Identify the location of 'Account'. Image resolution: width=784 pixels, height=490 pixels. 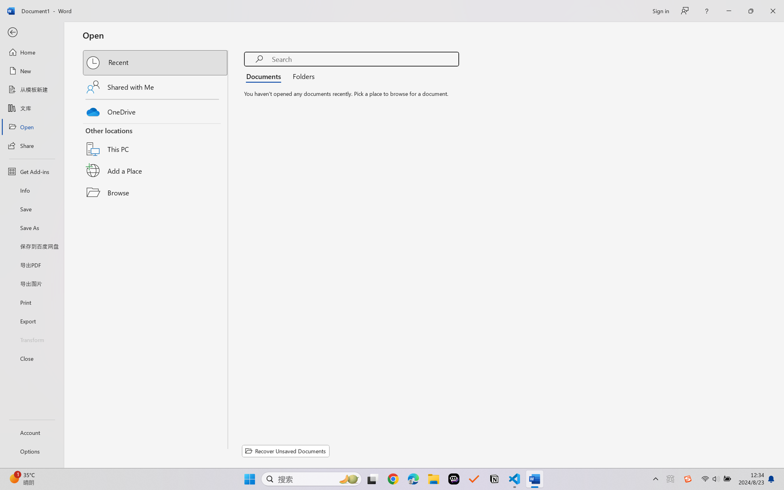
(31, 432).